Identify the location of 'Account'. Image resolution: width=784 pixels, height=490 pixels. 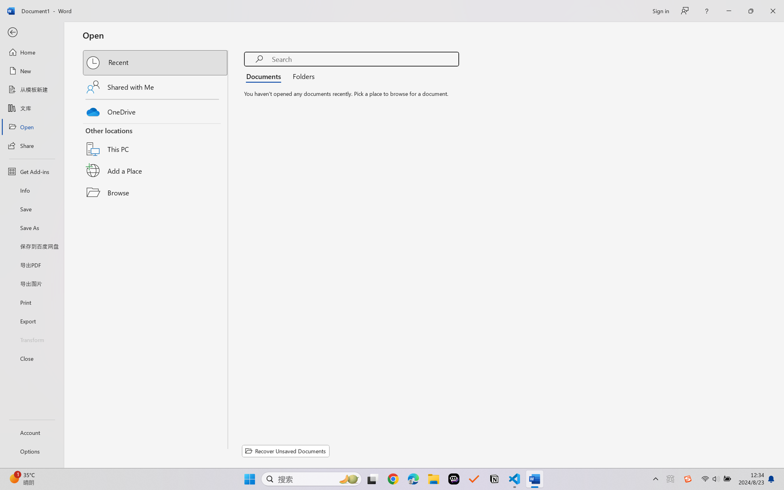
(31, 432).